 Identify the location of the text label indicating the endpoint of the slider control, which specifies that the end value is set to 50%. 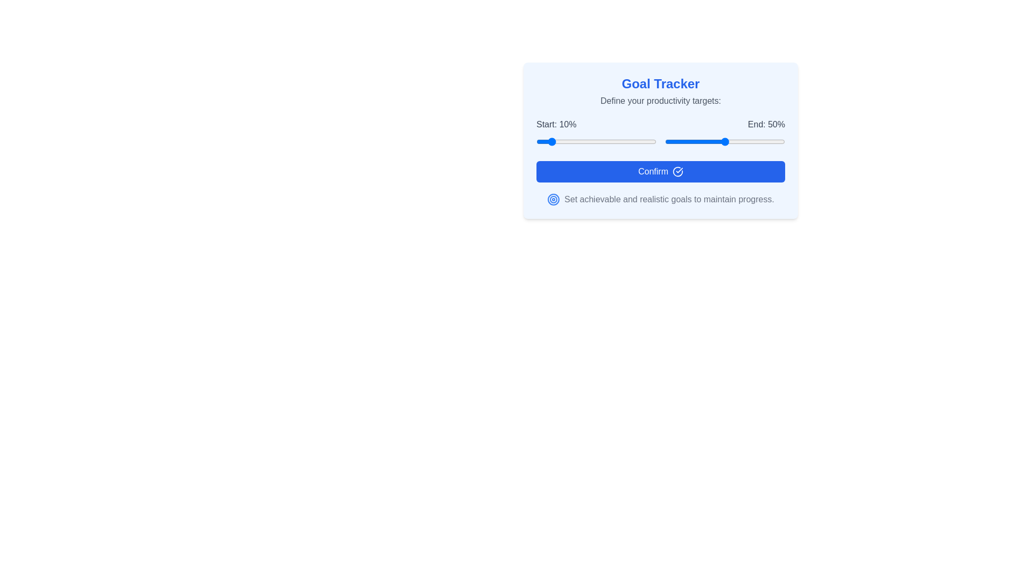
(766, 124).